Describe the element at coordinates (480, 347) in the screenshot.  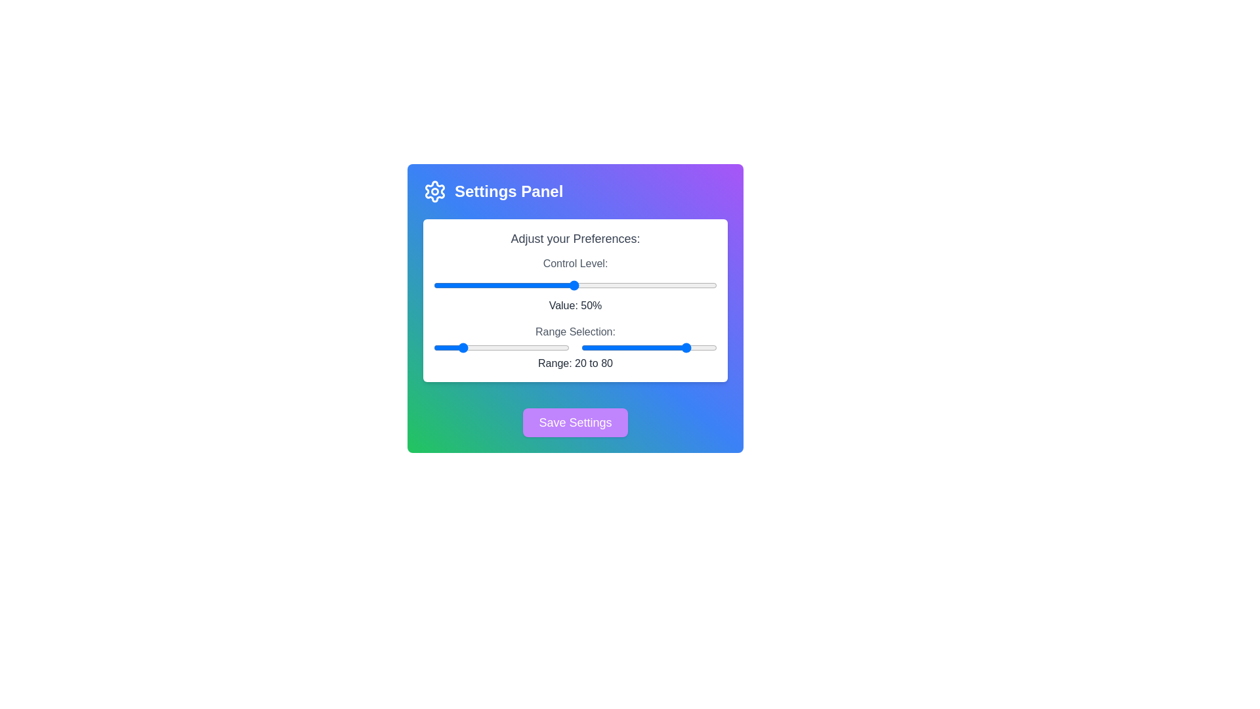
I see `the slider` at that location.